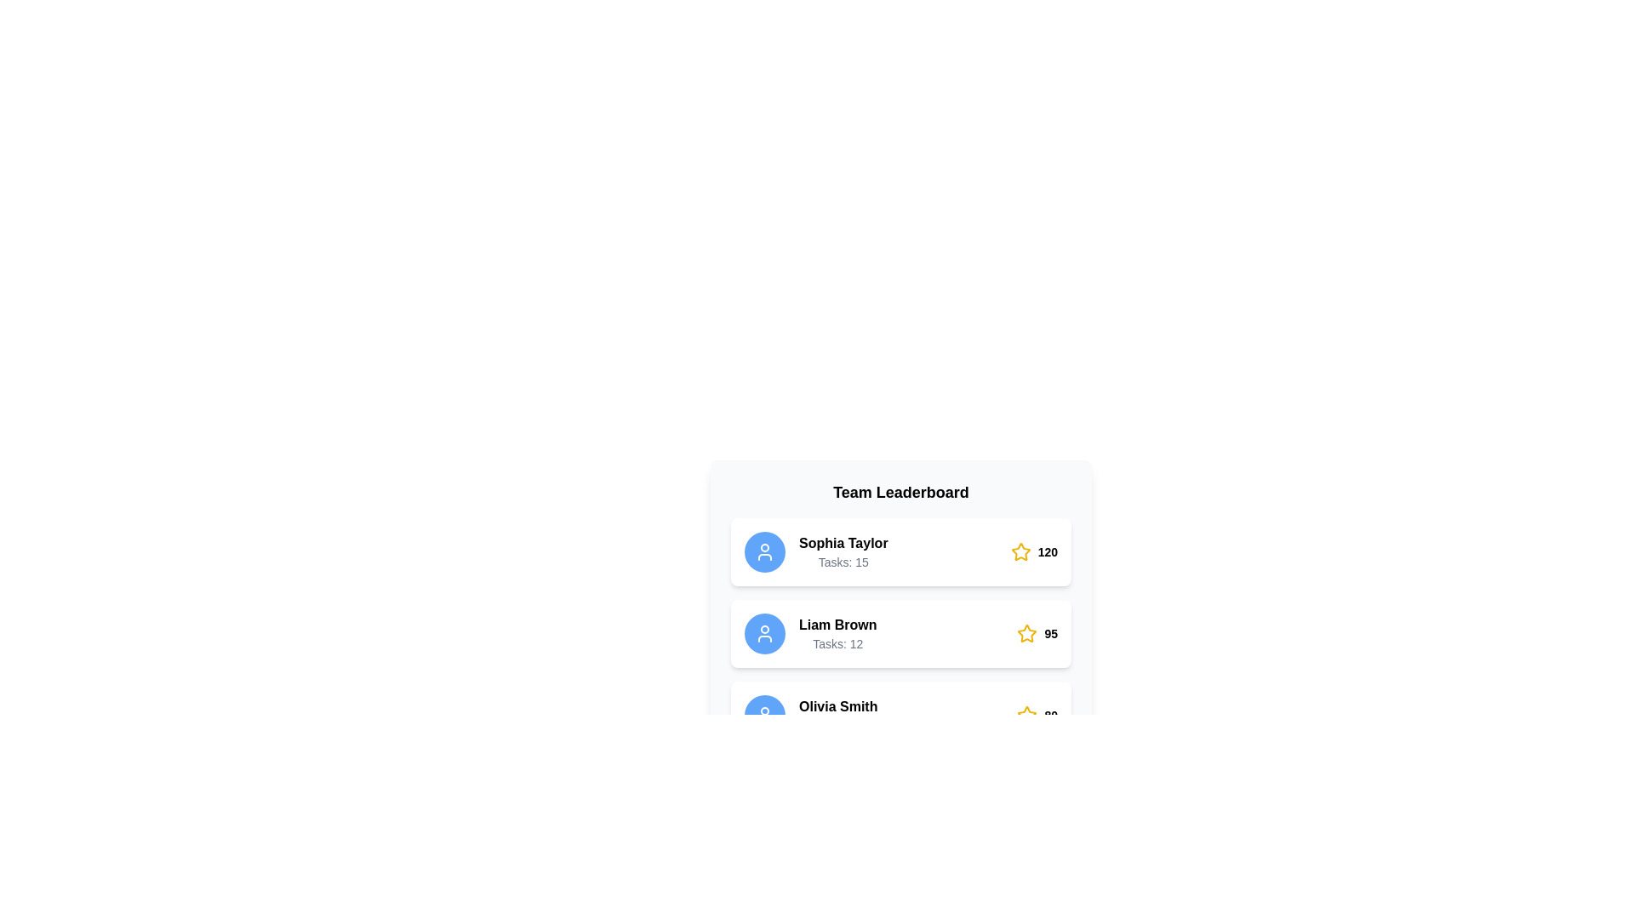 Image resolution: width=1634 pixels, height=919 pixels. What do you see at coordinates (843, 544) in the screenshot?
I see `the text label UI element displaying 'Sophia Taylor', which is located at the top of the first leaderboard entry in the Team Leaderboard section` at bounding box center [843, 544].